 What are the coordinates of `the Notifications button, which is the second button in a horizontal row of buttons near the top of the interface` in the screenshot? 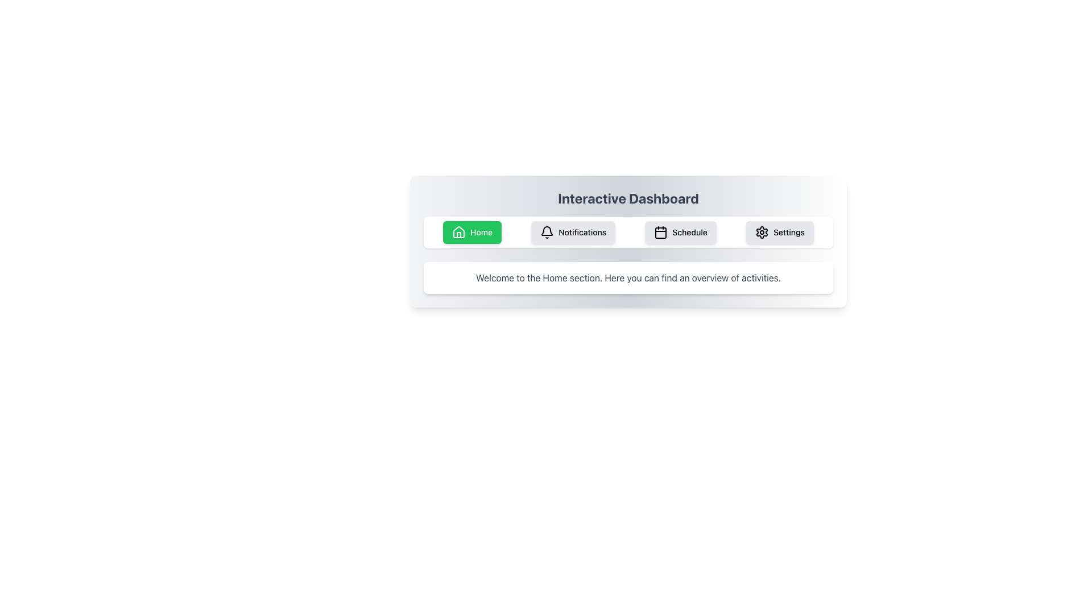 It's located at (573, 231).